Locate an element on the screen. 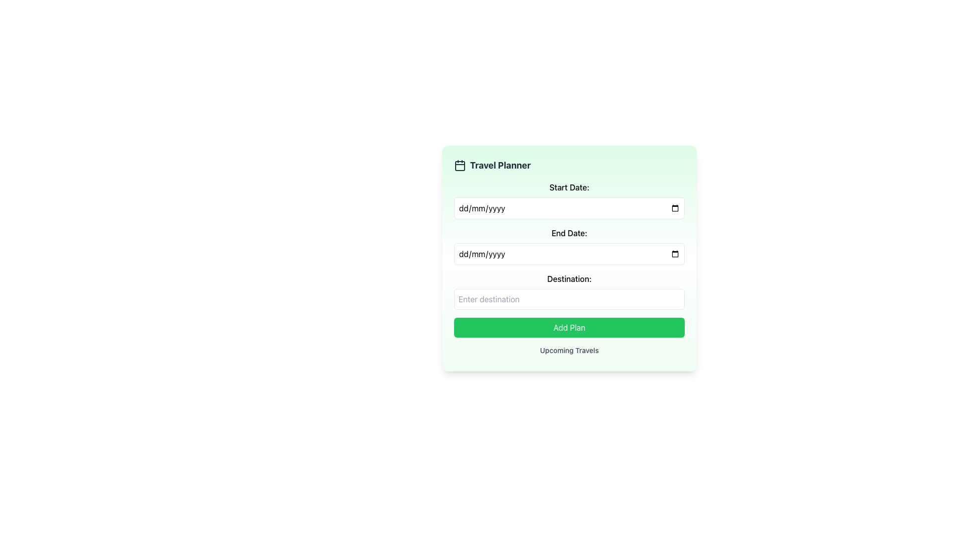 The image size is (954, 537). the 'Add Plan' button located above the 'Upcoming Travels' text to change its appearance is located at coordinates (569, 328).